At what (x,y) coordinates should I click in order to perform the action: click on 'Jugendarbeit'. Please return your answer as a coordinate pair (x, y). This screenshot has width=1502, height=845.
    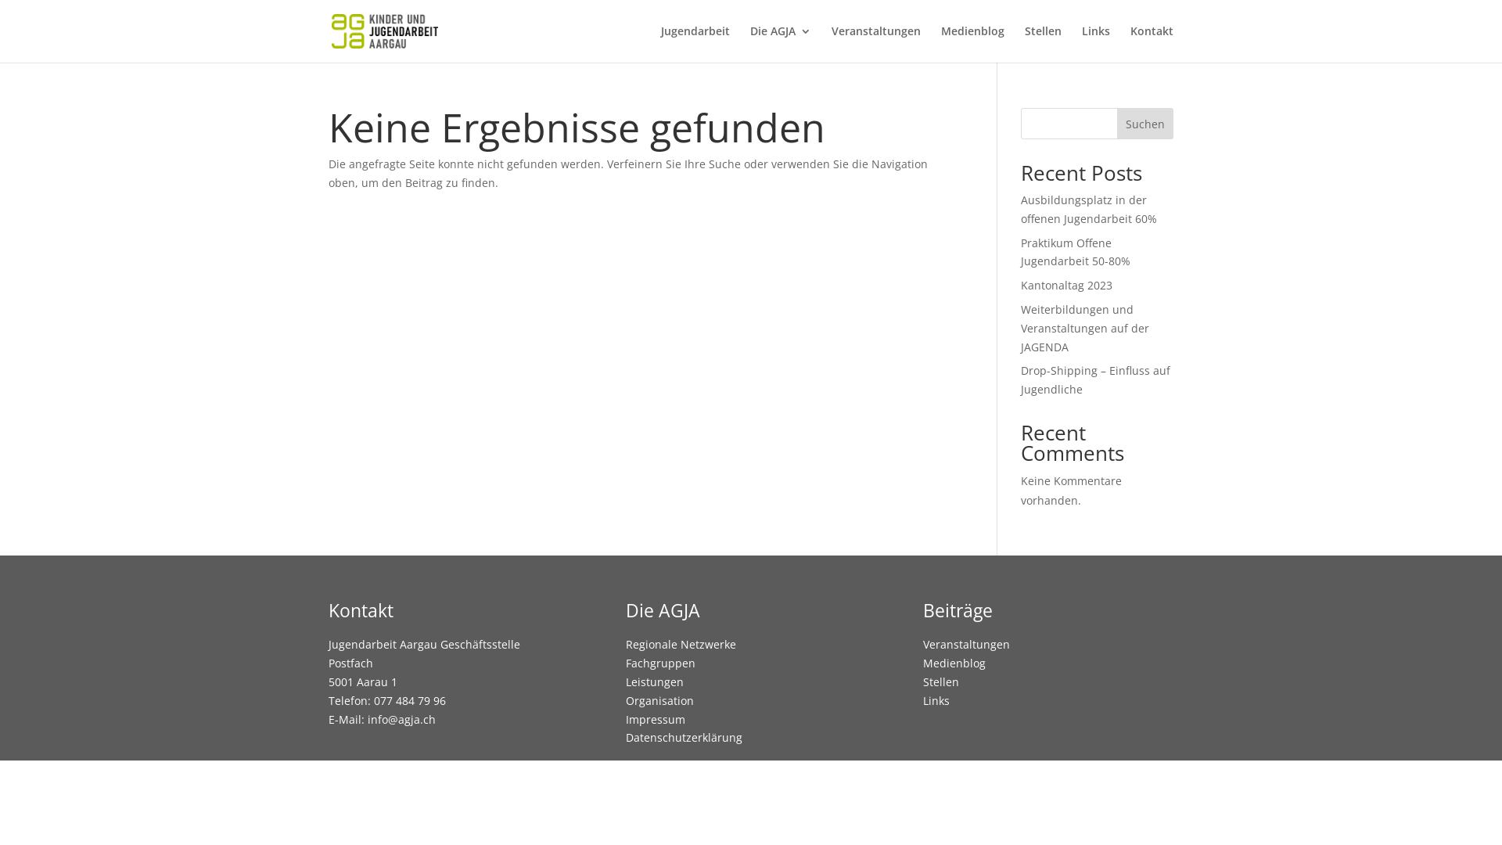
    Looking at the image, I should click on (694, 43).